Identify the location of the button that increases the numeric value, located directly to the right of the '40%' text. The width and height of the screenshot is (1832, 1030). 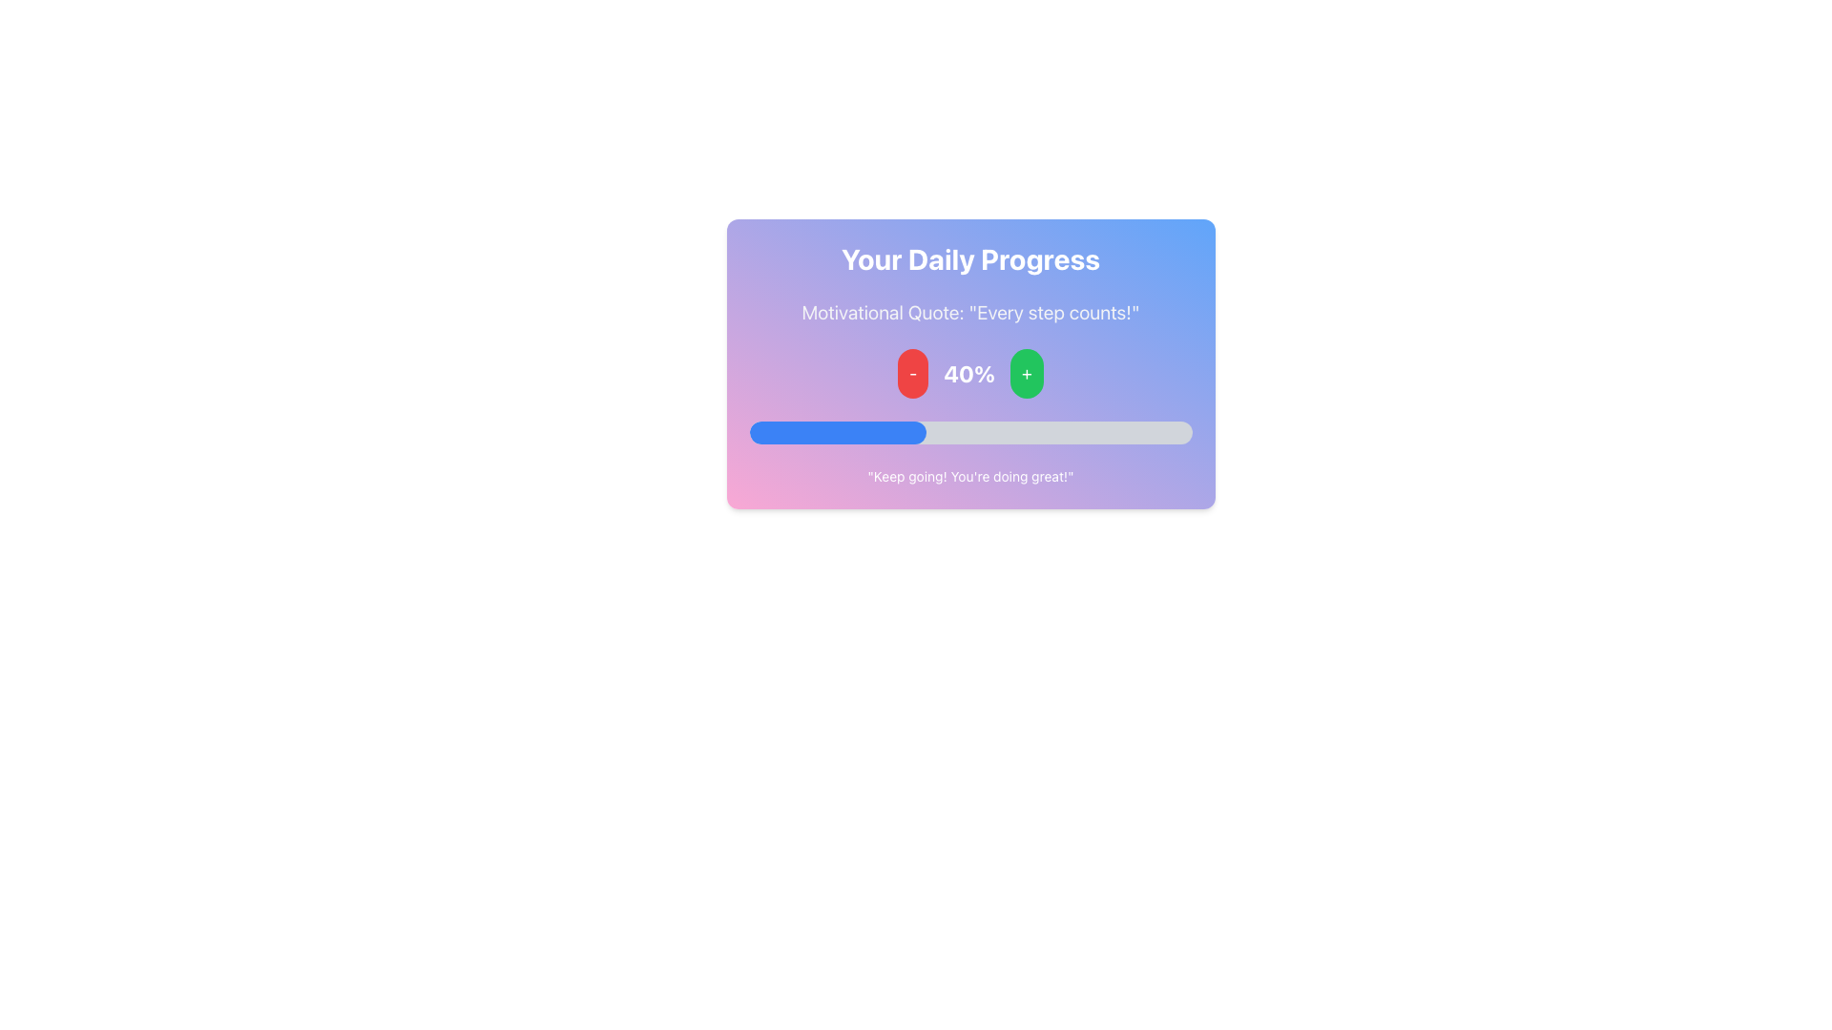
(1026, 374).